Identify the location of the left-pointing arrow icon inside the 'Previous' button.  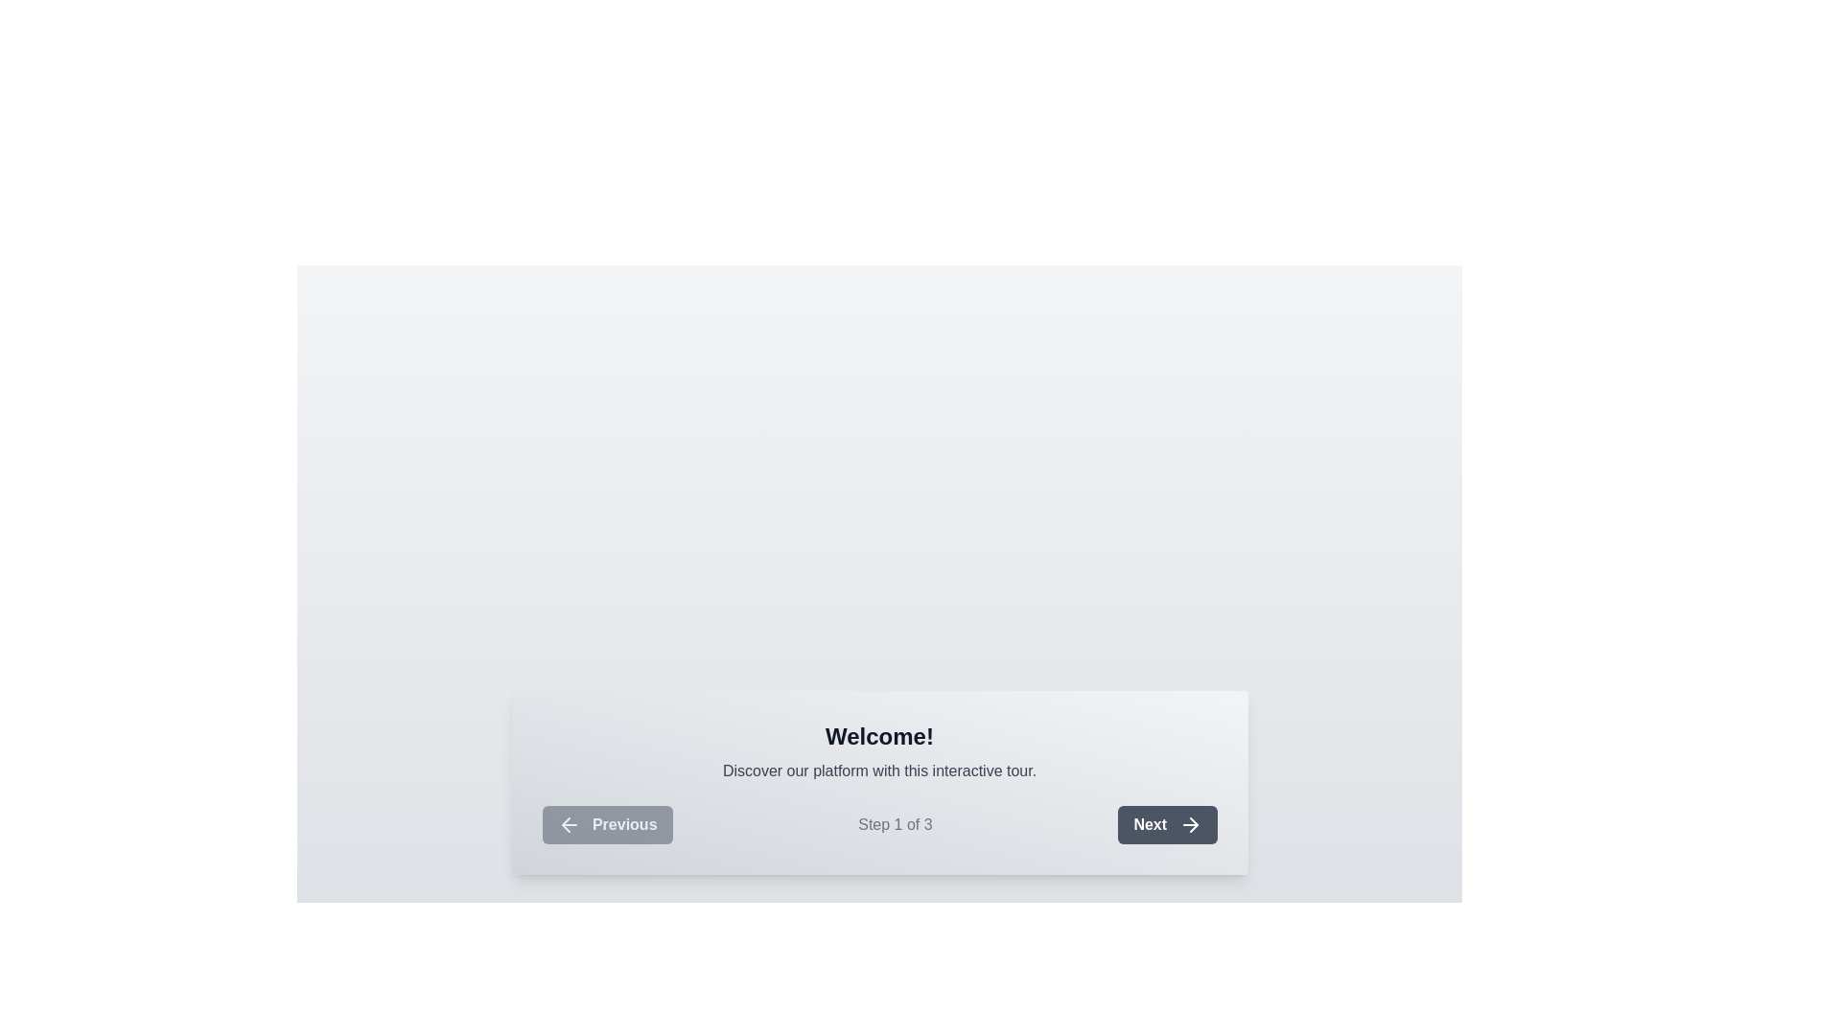
(565, 823).